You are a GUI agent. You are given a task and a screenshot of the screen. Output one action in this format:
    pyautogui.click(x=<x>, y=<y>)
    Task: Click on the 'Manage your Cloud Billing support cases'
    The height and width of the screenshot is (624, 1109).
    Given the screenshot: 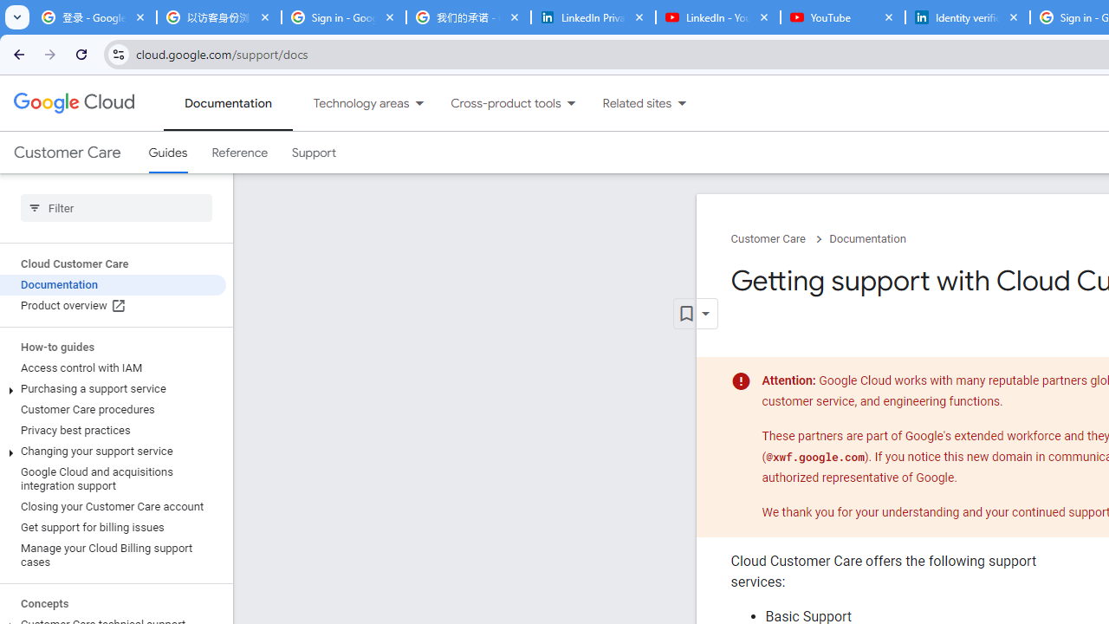 What is the action you would take?
    pyautogui.click(x=112, y=555)
    